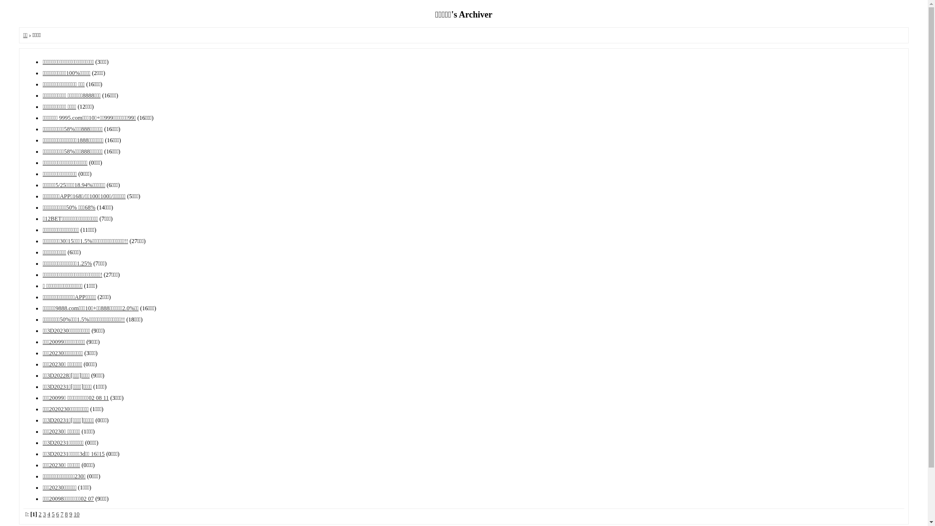 The width and height of the screenshot is (935, 526). What do you see at coordinates (38, 514) in the screenshot?
I see `'2'` at bounding box center [38, 514].